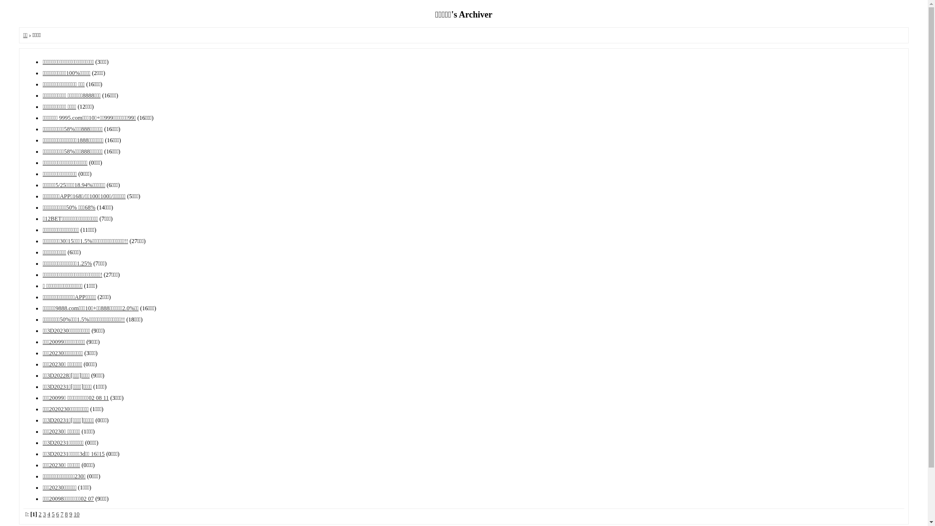 The width and height of the screenshot is (935, 526). What do you see at coordinates (38, 514) in the screenshot?
I see `'2'` at bounding box center [38, 514].